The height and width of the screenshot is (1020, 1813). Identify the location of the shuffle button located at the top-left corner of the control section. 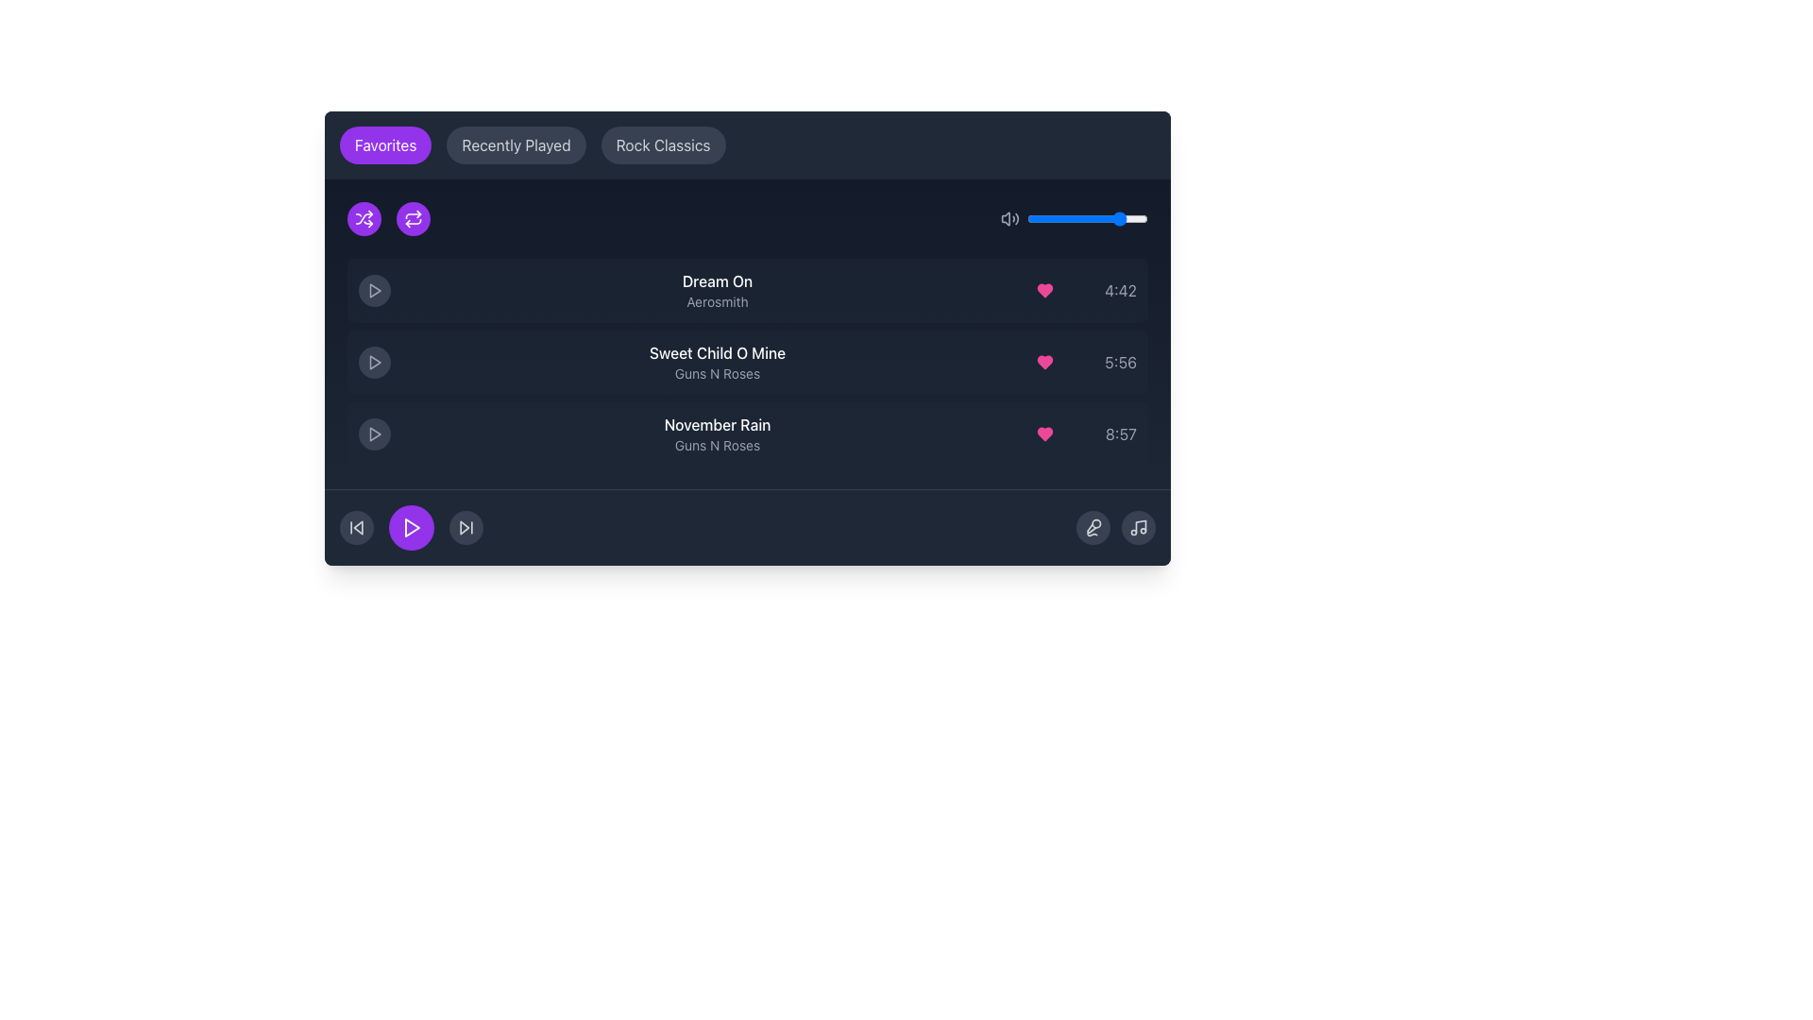
(364, 217).